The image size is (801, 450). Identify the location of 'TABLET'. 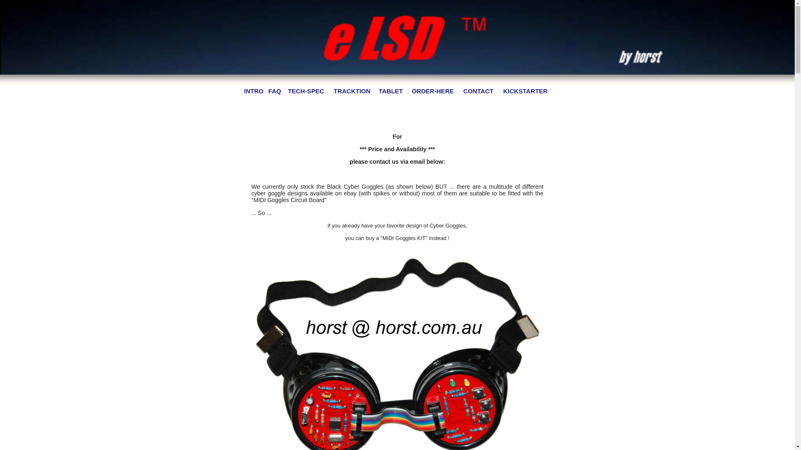
(390, 91).